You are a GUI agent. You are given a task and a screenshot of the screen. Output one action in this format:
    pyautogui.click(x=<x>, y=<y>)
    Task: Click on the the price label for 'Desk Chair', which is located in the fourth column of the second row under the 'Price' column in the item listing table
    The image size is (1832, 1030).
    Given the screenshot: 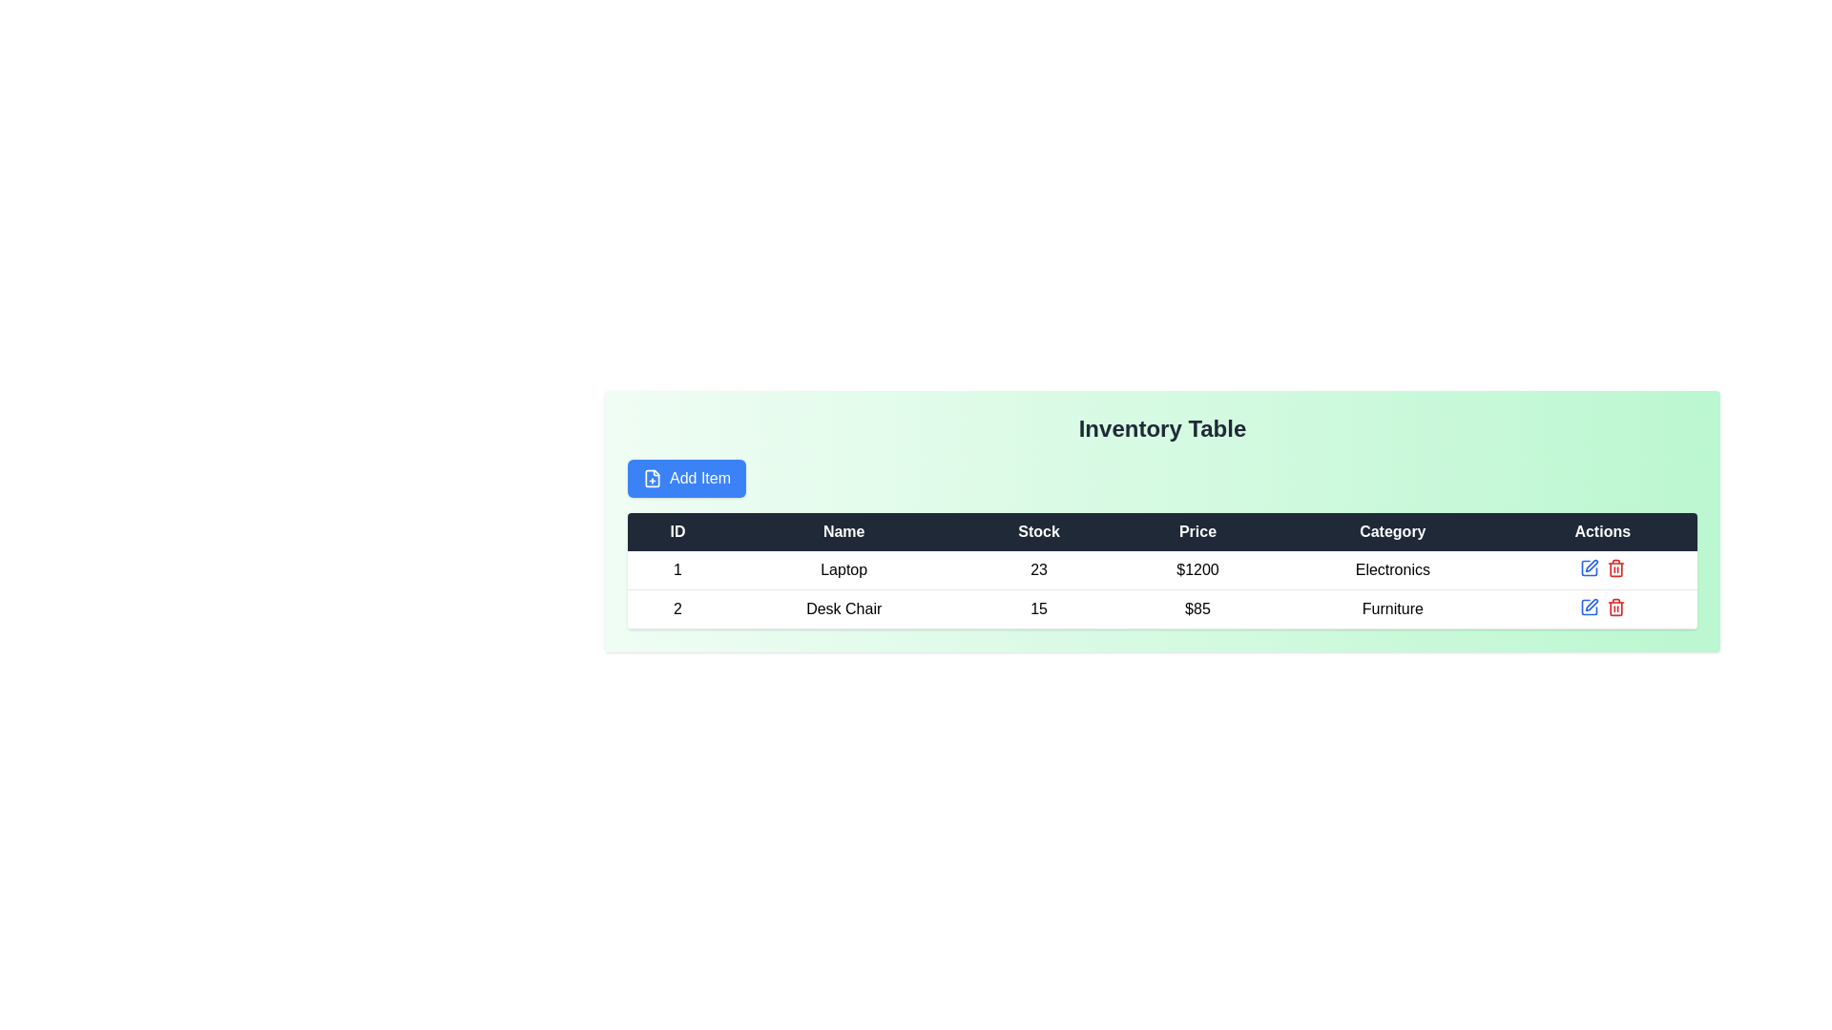 What is the action you would take?
    pyautogui.click(x=1197, y=609)
    